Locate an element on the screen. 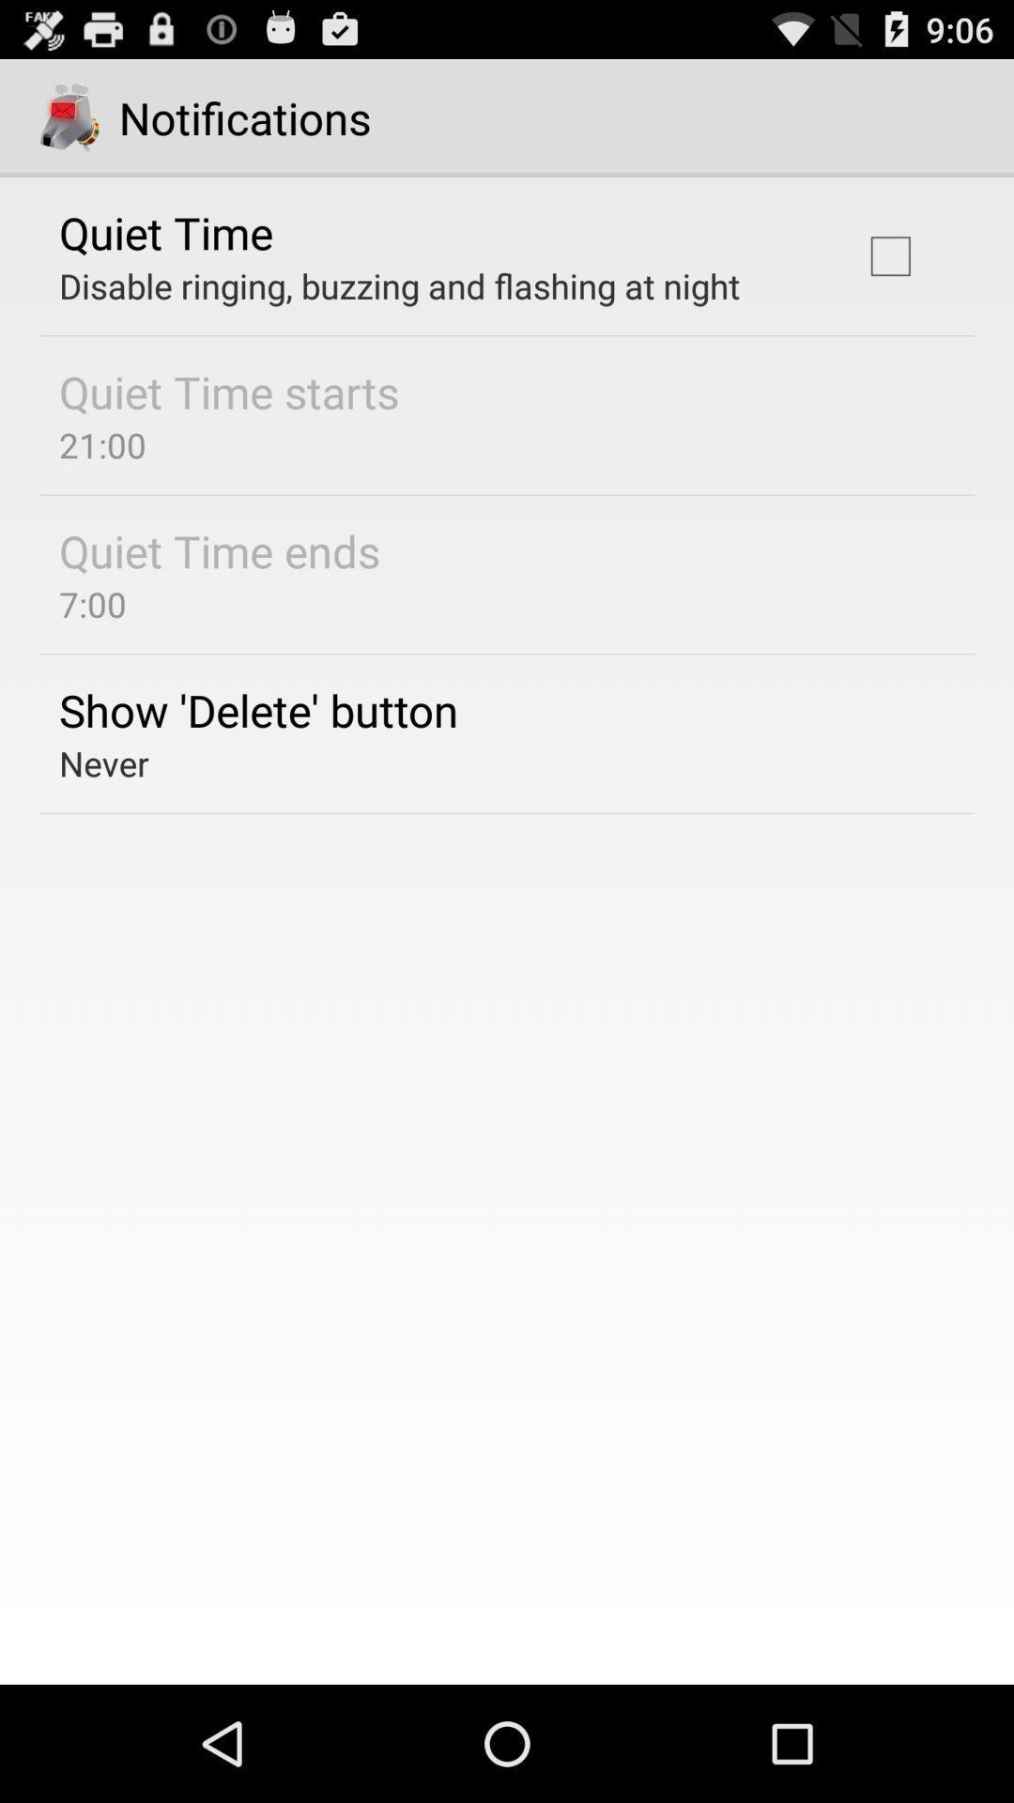  the app above quiet time starts is located at coordinates (398, 285).